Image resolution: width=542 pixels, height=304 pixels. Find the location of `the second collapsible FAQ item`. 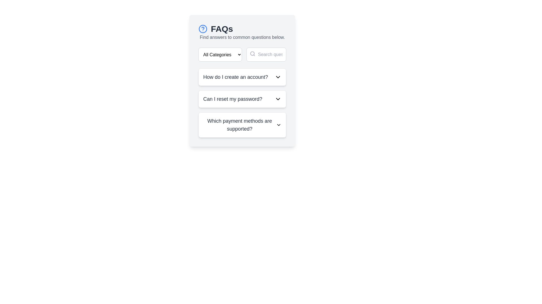

the second collapsible FAQ item is located at coordinates (242, 103).